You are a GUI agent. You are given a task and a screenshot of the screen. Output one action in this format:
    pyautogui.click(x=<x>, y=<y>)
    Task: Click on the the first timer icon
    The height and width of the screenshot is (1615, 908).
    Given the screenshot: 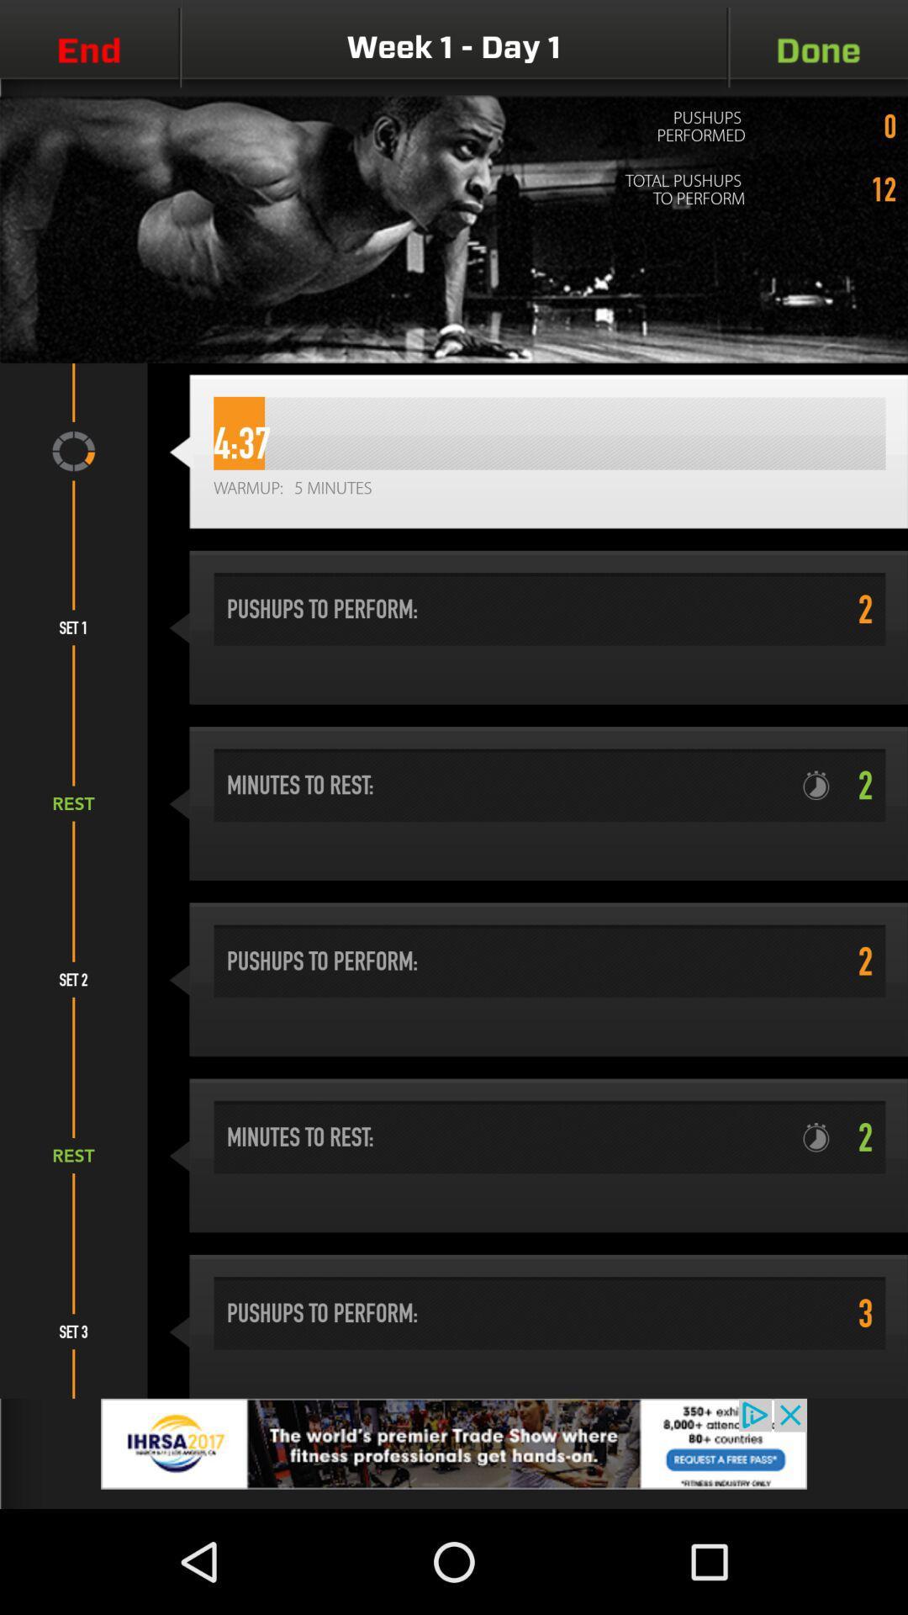 What is the action you would take?
    pyautogui.click(x=822, y=785)
    